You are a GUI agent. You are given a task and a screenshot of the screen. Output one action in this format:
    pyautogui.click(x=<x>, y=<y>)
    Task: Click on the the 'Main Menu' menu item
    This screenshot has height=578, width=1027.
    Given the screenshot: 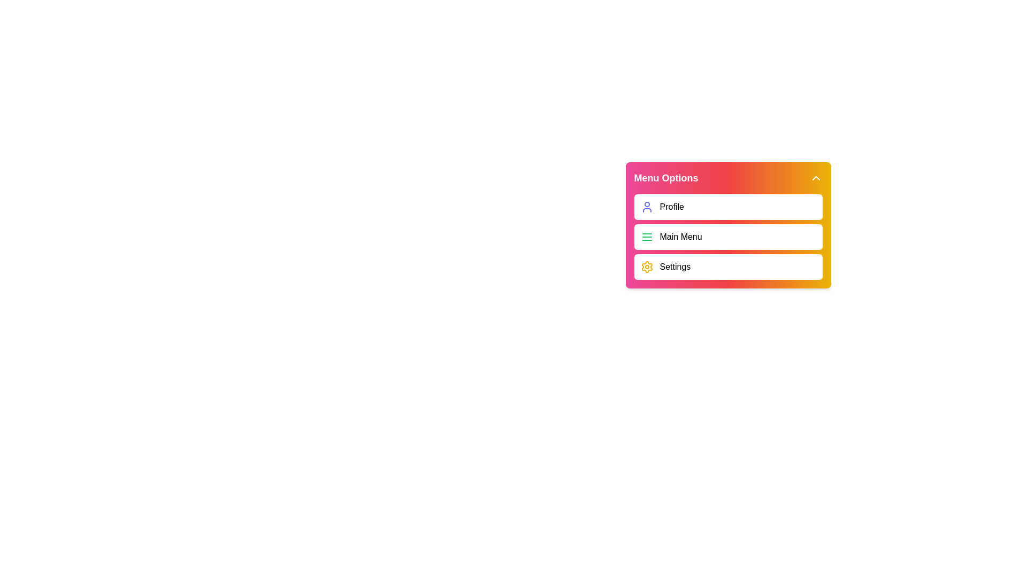 What is the action you would take?
    pyautogui.click(x=727, y=237)
    